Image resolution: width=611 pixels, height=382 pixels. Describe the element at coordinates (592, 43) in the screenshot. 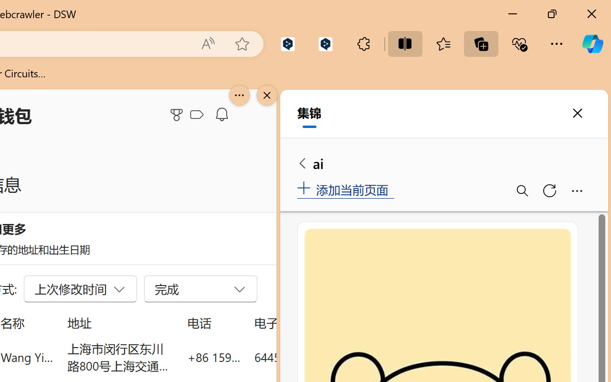

I see `'Copilot (Ctrl+Shift+.)'` at that location.